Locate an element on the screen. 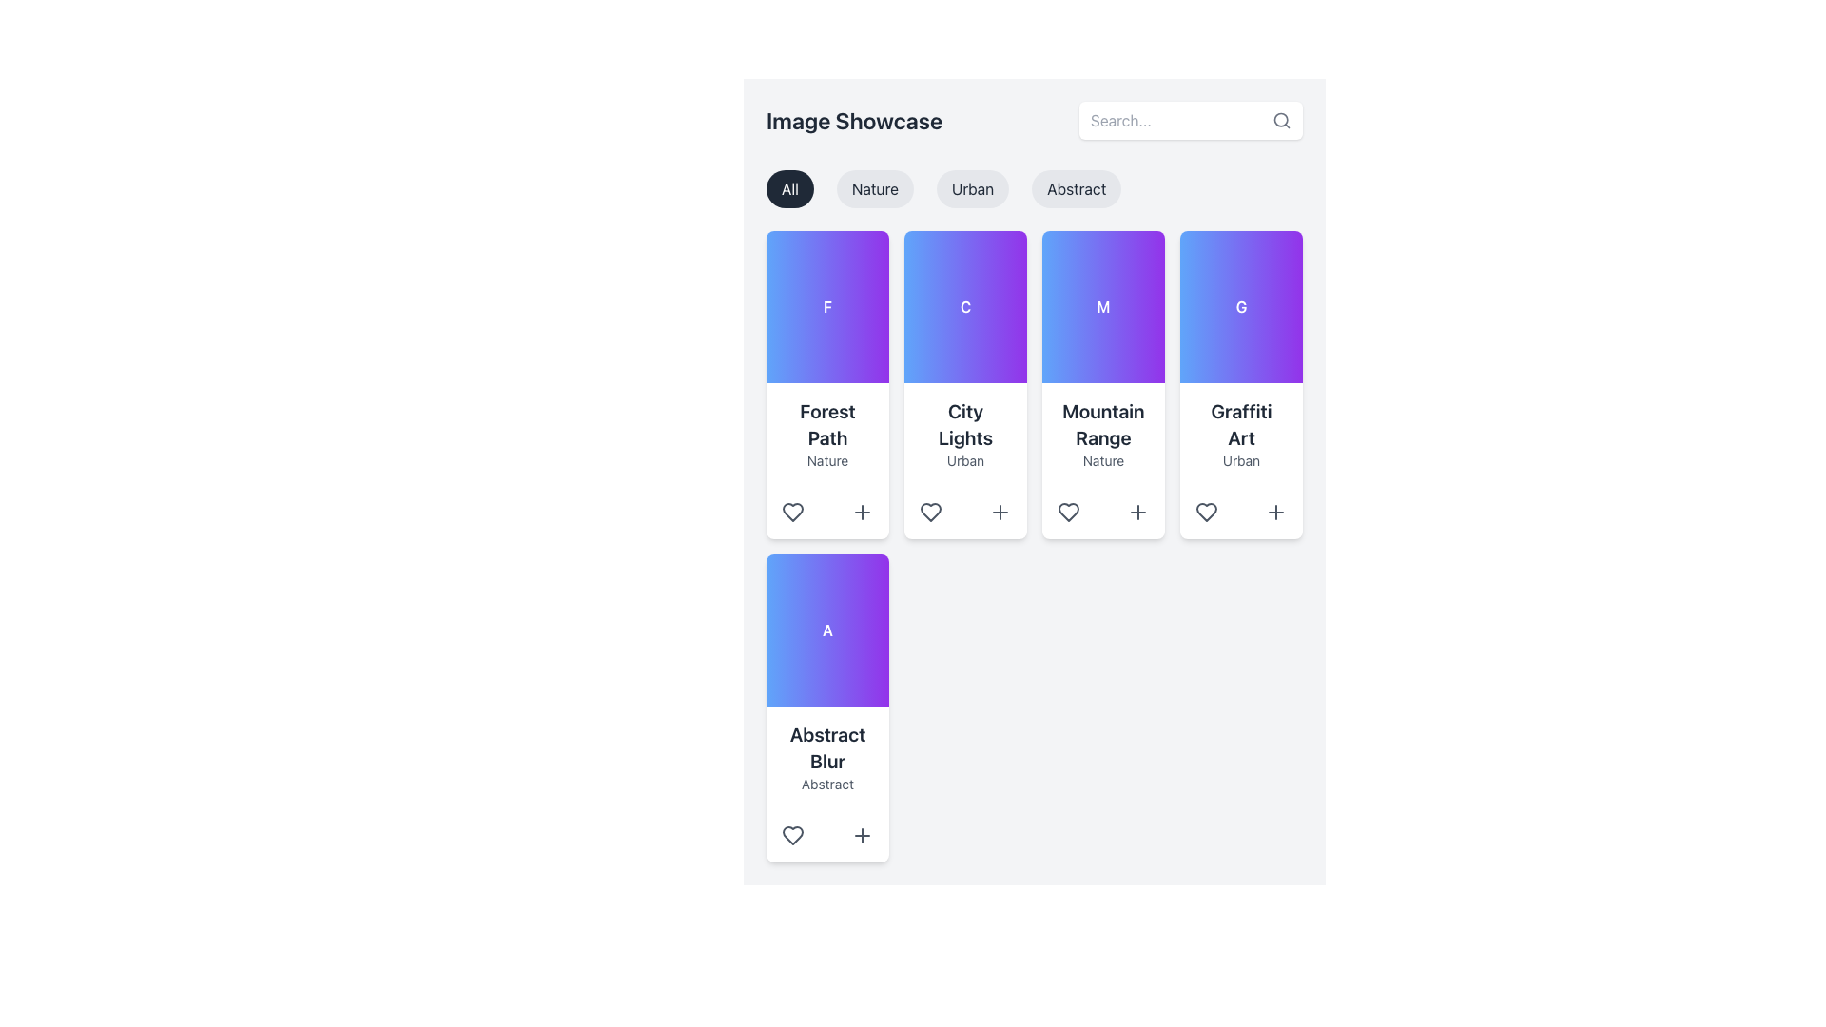  the 'Graffiti Art' static text element, which is located in the fourth card from the left in the top row of the grid, featuring a large, bold dark gray title and smaller lighter gray text within a white rounded card is located at coordinates (1241, 434).